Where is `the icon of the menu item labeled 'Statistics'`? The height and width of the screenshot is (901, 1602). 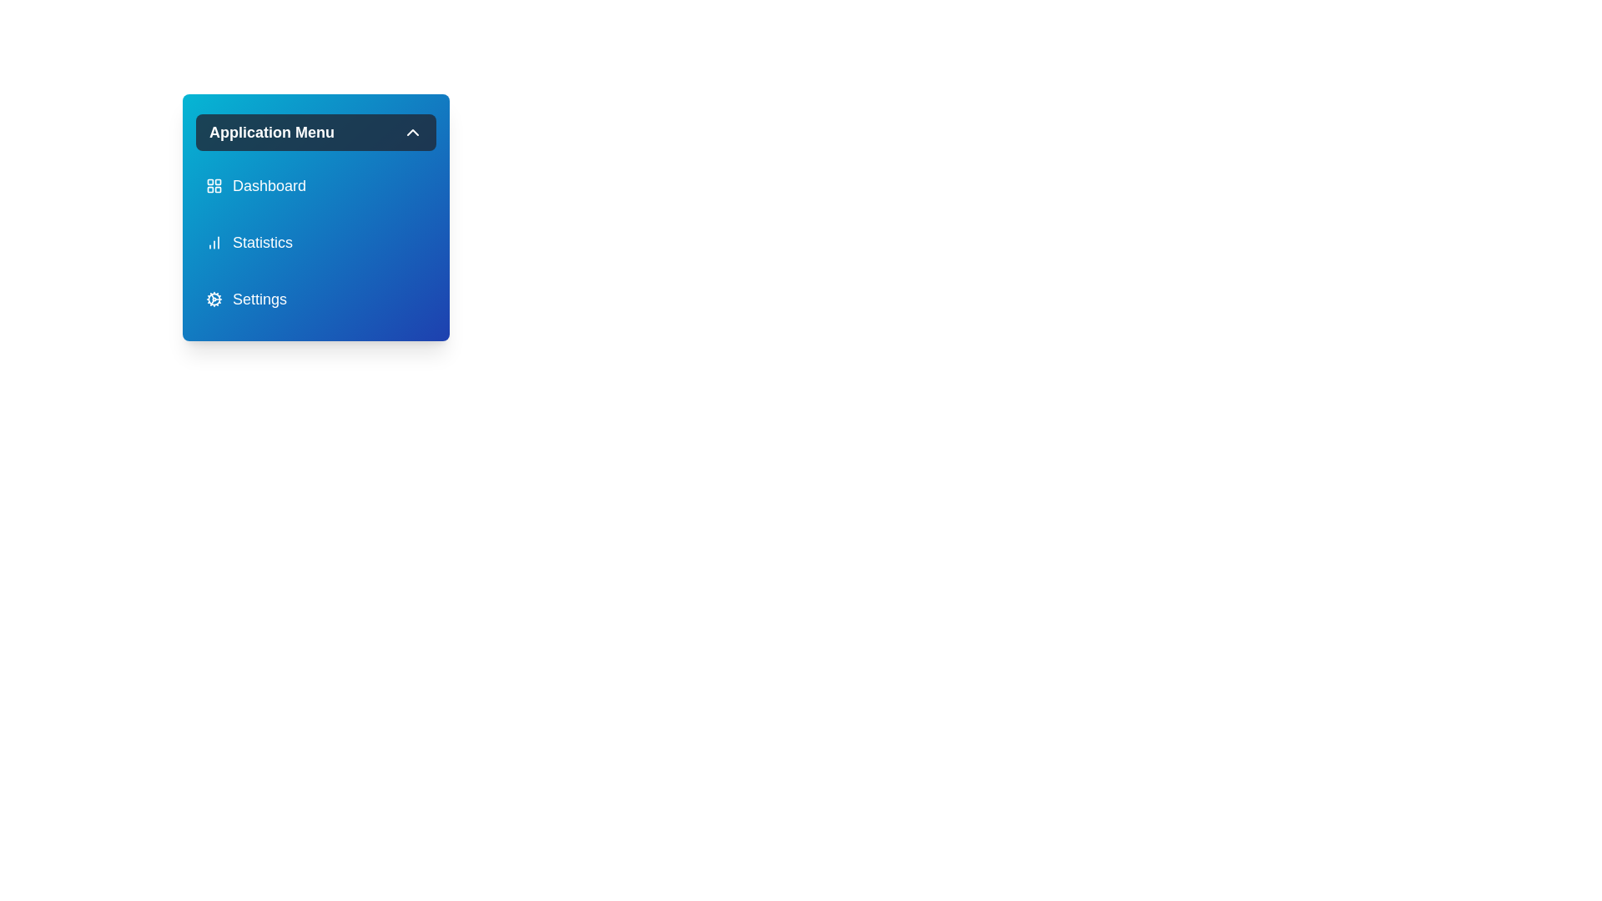
the icon of the menu item labeled 'Statistics' is located at coordinates (214, 242).